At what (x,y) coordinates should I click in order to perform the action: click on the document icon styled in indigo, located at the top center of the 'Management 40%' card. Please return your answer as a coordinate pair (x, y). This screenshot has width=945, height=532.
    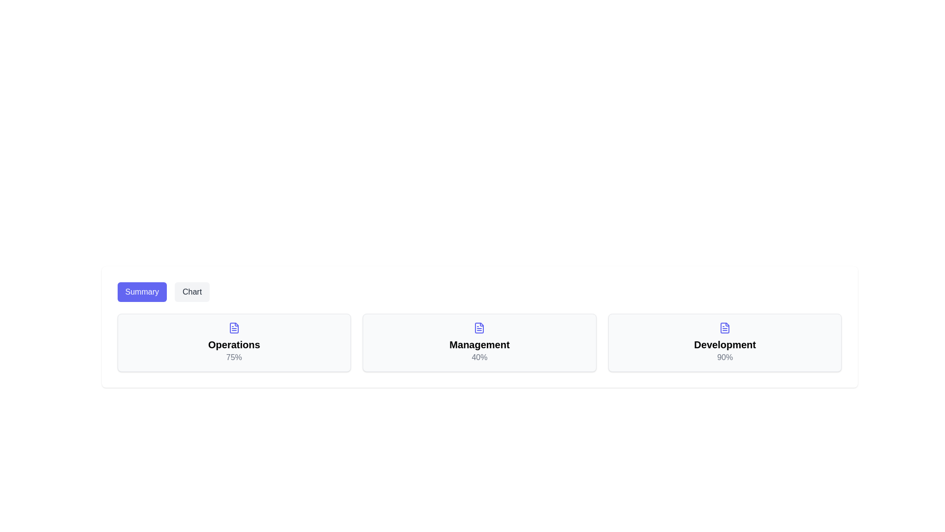
    Looking at the image, I should click on (479, 328).